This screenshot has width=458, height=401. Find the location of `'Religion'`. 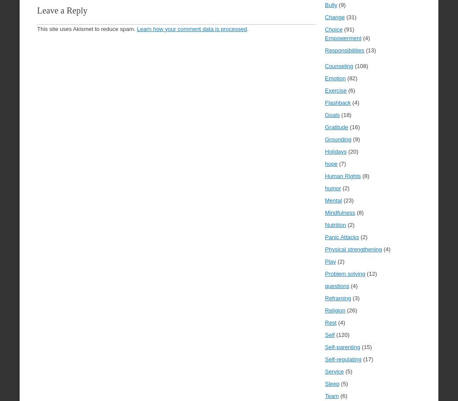

'Religion' is located at coordinates (335, 310).